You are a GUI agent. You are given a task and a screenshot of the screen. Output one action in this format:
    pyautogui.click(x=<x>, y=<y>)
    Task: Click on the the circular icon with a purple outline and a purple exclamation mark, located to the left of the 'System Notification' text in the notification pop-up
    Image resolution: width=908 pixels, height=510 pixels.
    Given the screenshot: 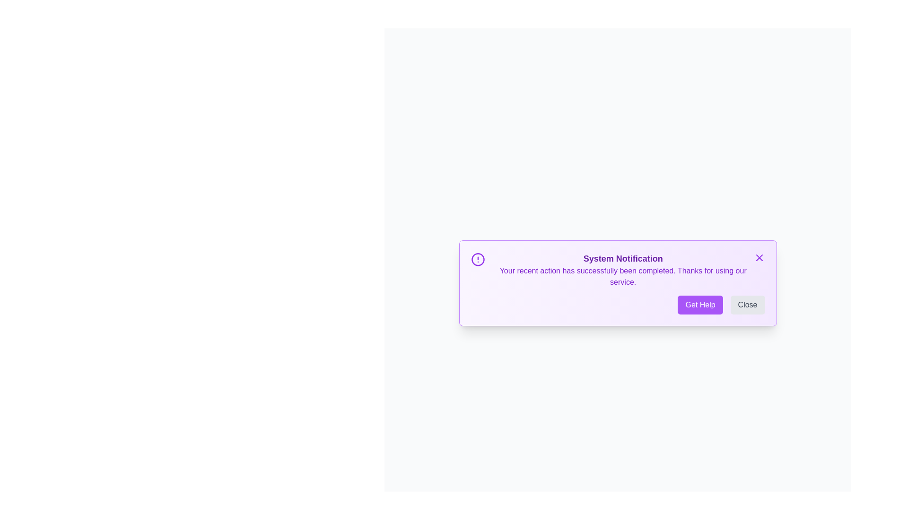 What is the action you would take?
    pyautogui.click(x=478, y=260)
    